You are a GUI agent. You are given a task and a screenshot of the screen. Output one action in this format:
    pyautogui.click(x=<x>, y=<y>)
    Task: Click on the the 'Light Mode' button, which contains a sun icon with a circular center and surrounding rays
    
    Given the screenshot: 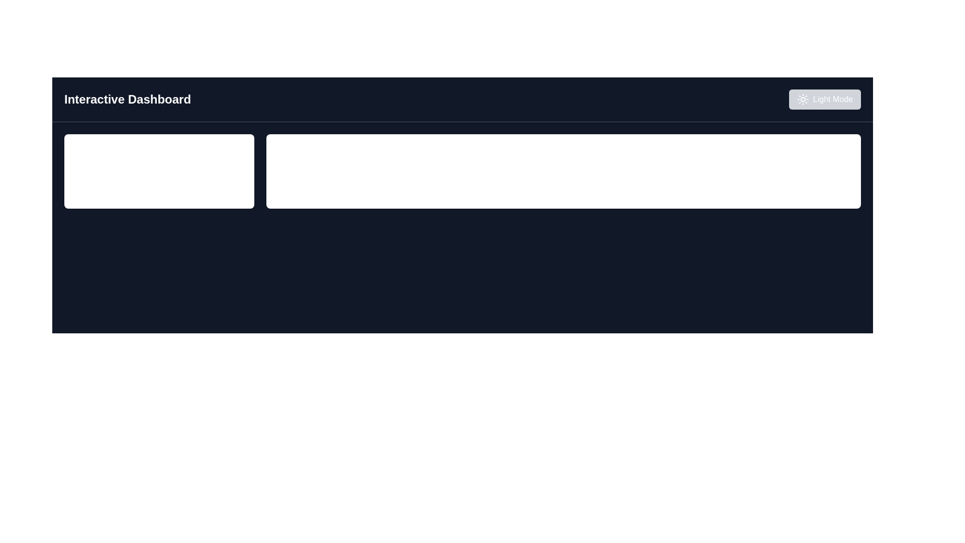 What is the action you would take?
    pyautogui.click(x=802, y=99)
    